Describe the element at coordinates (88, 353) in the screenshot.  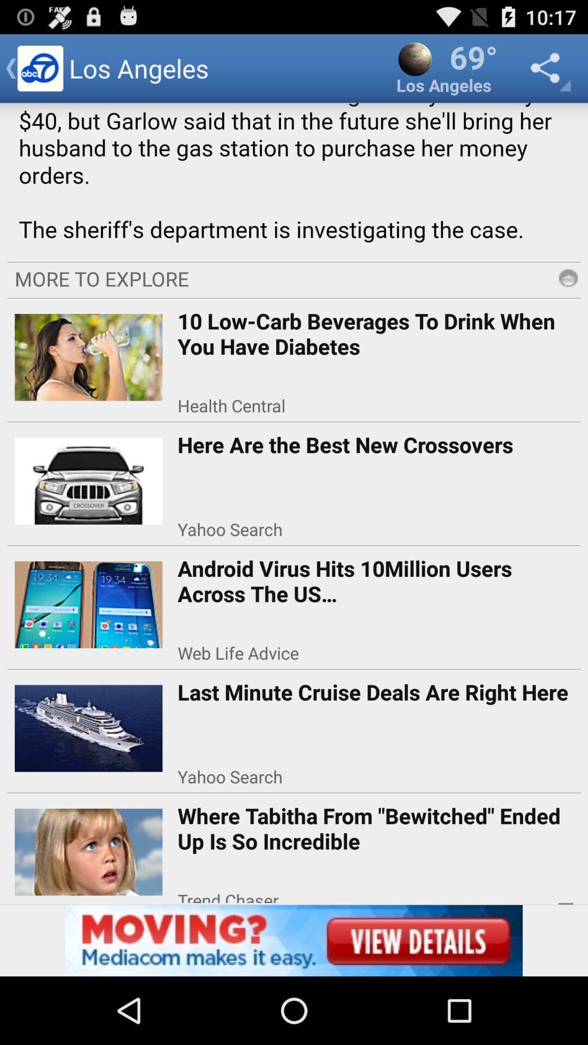
I see `the first image in the row` at that location.